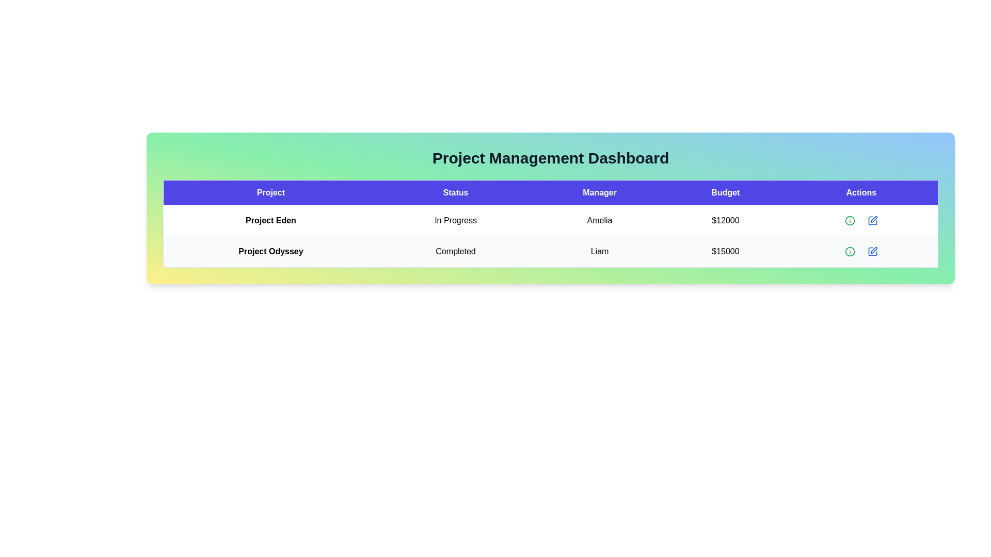 This screenshot has width=991, height=557. Describe the element at coordinates (270, 192) in the screenshot. I see `the 'Project' header label, which is the first header in a blue background bar at the top of a table` at that location.